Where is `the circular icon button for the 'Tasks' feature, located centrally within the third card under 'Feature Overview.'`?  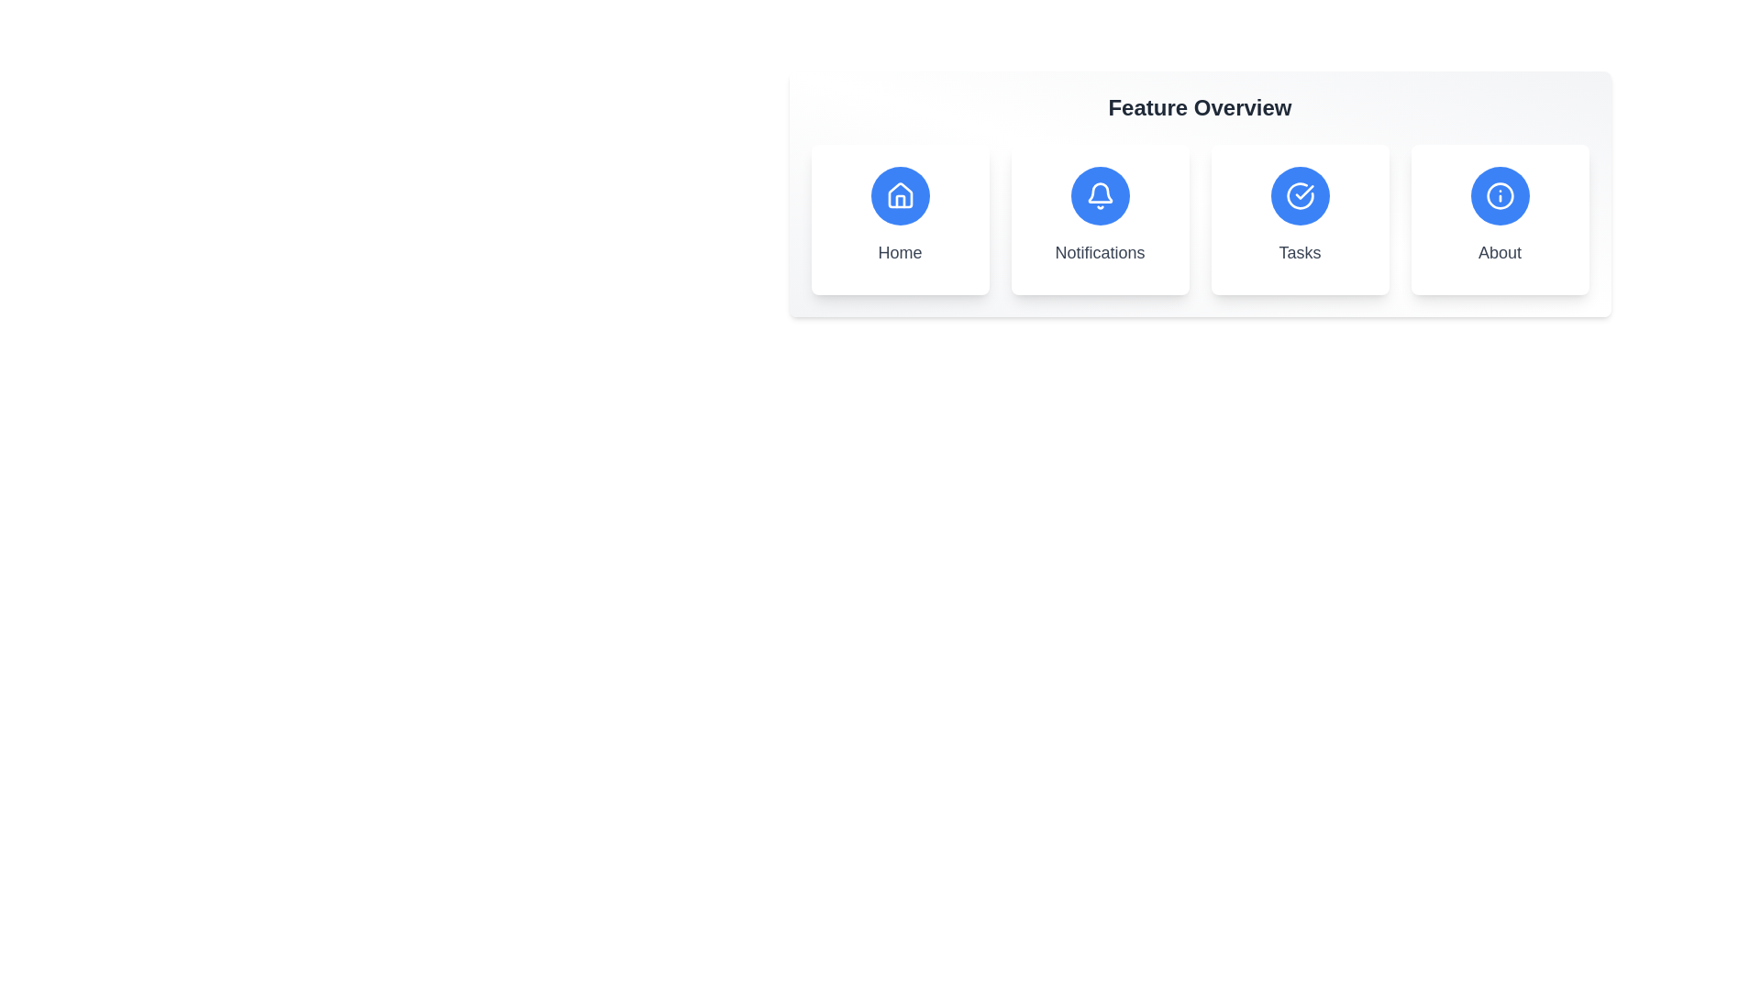
the circular icon button for the 'Tasks' feature, located centrally within the third card under 'Feature Overview.' is located at coordinates (1299, 195).